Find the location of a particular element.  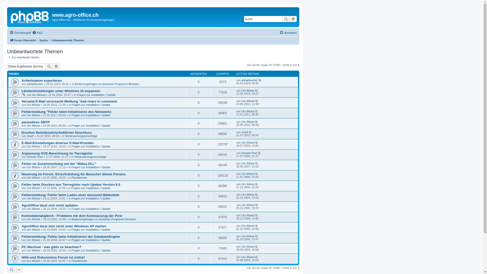

'Gehe zum letzten Beitrag' is located at coordinates (257, 163).